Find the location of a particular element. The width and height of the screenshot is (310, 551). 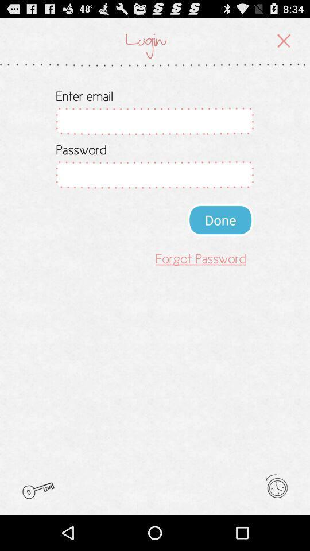

the forgot password item is located at coordinates (200, 258).